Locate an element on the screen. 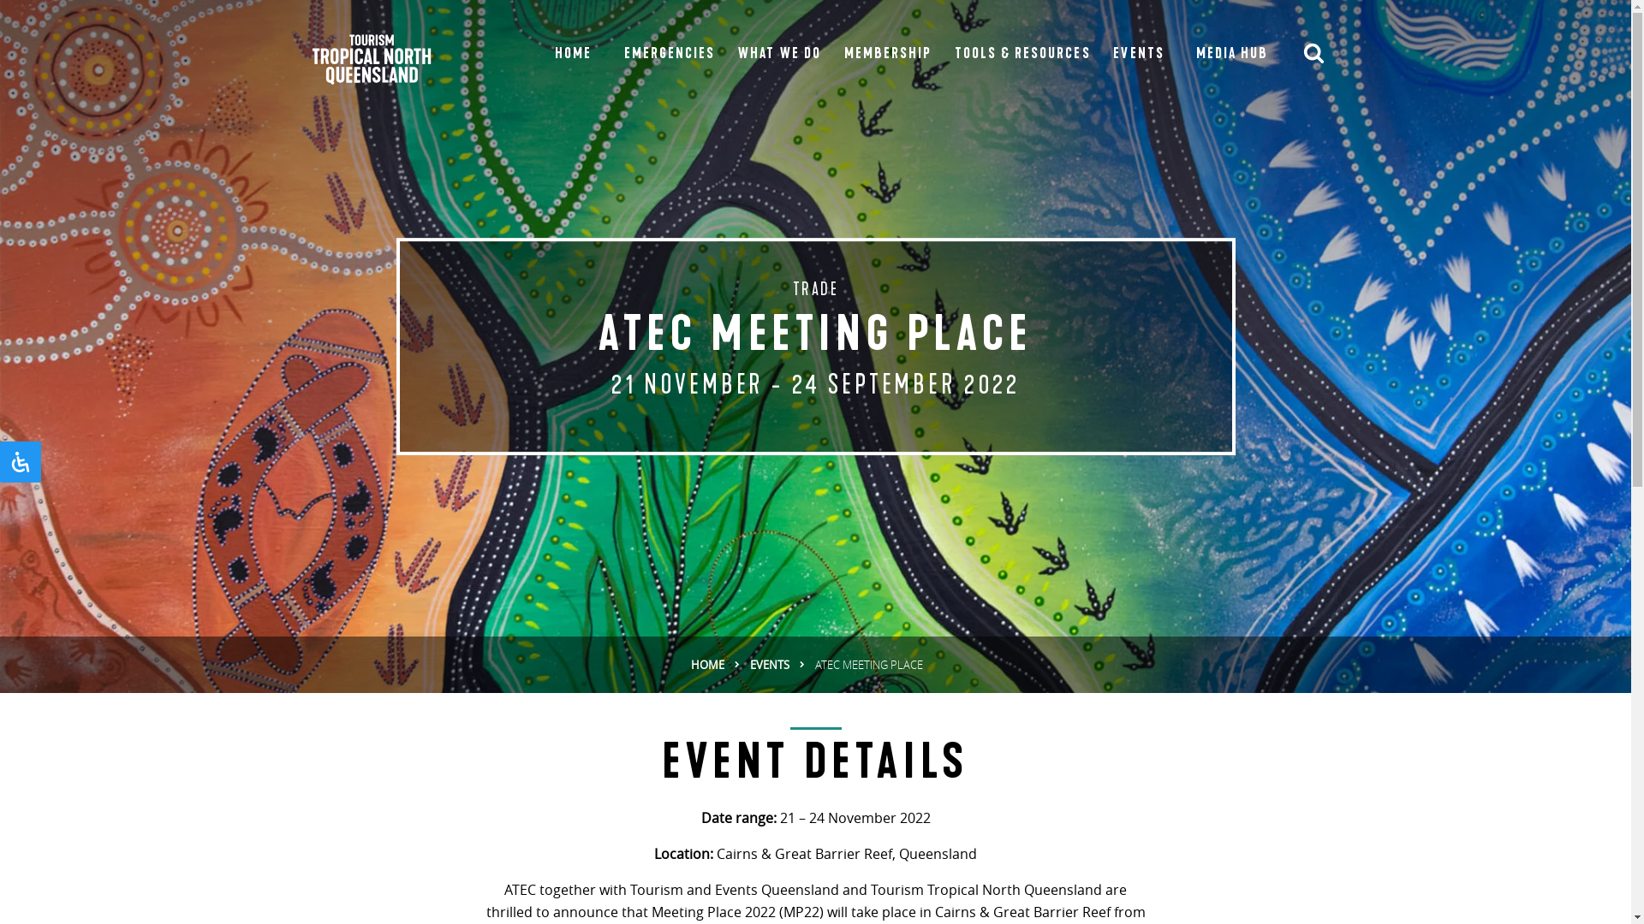 Image resolution: width=1644 pixels, height=924 pixels. 'Accessibility' is located at coordinates (21, 462).